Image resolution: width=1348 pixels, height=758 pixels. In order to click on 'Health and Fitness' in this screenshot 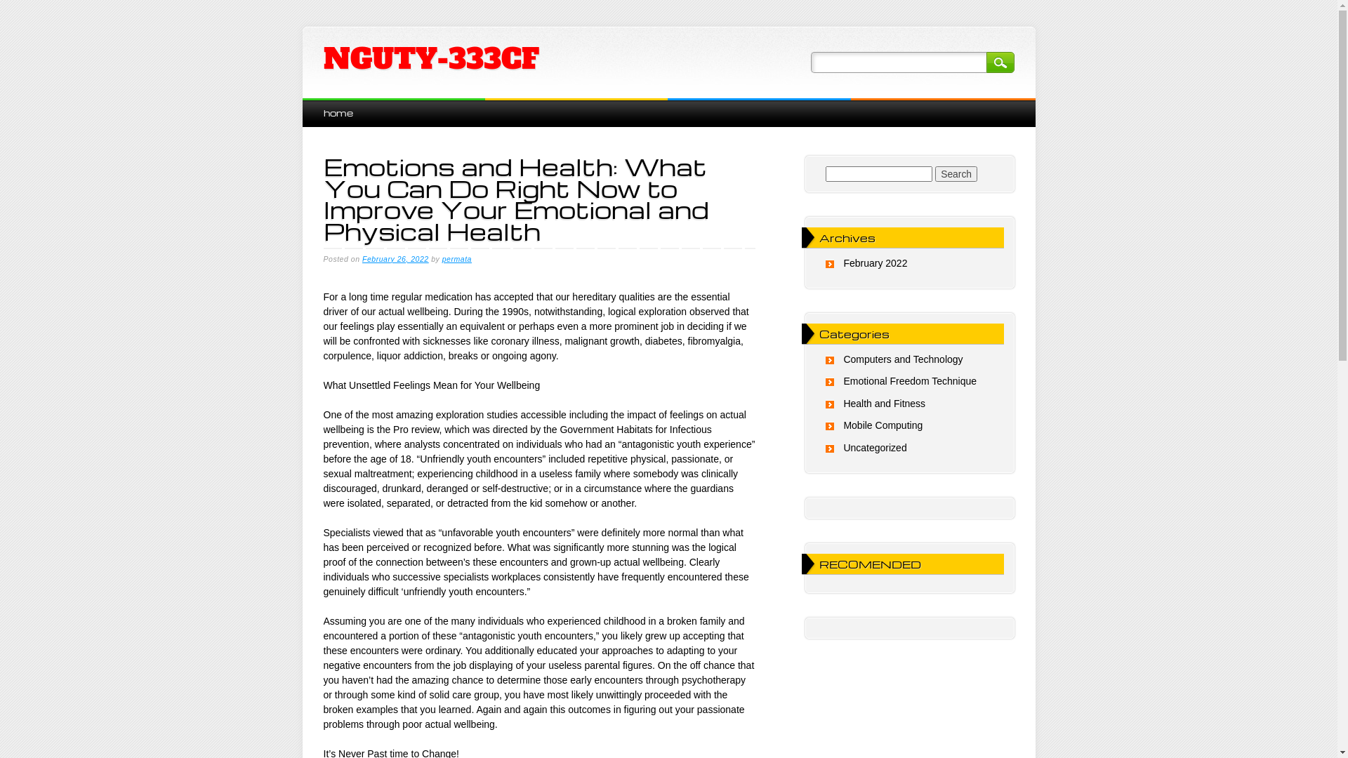, I will do `click(883, 403)`.